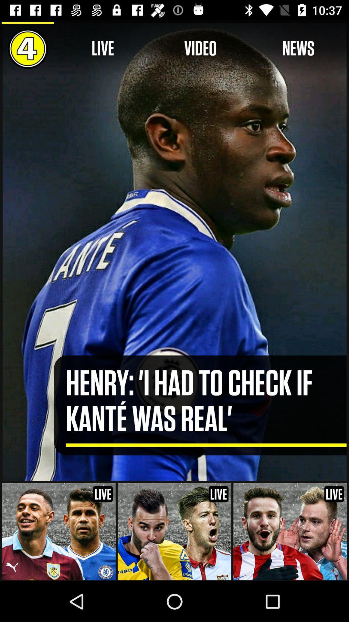  What do you see at coordinates (200, 48) in the screenshot?
I see `video` at bounding box center [200, 48].